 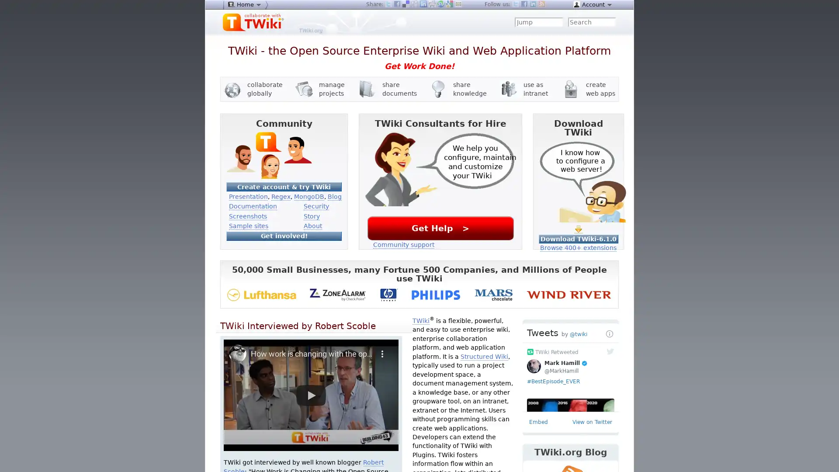 What do you see at coordinates (284, 235) in the screenshot?
I see `Get involved!` at bounding box center [284, 235].